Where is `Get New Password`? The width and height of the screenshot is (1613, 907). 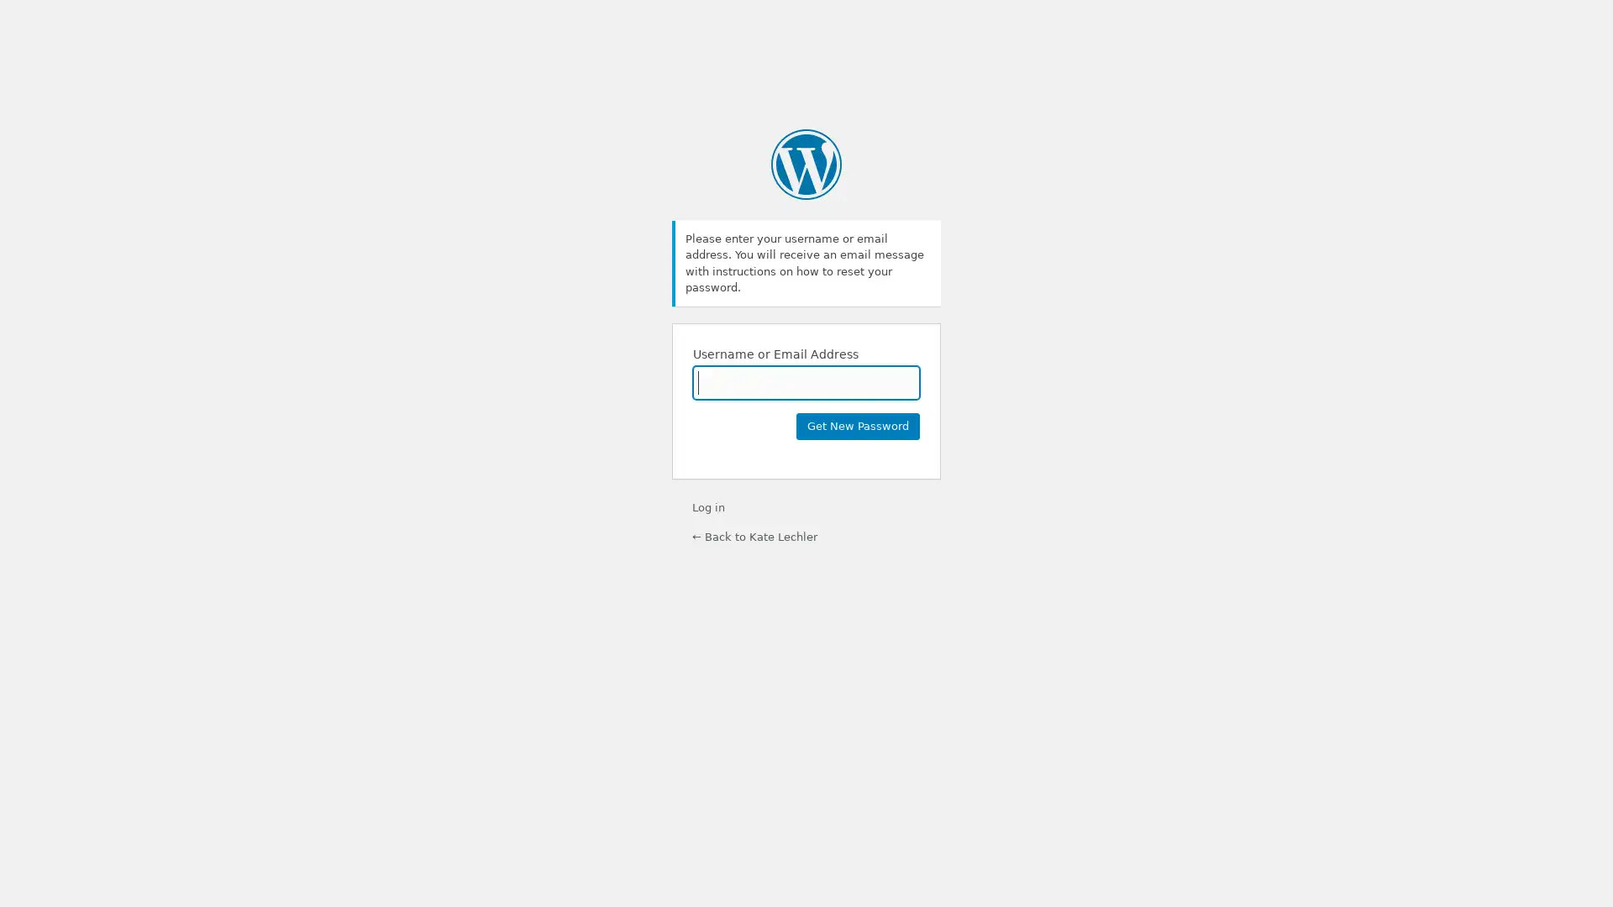 Get New Password is located at coordinates (858, 424).